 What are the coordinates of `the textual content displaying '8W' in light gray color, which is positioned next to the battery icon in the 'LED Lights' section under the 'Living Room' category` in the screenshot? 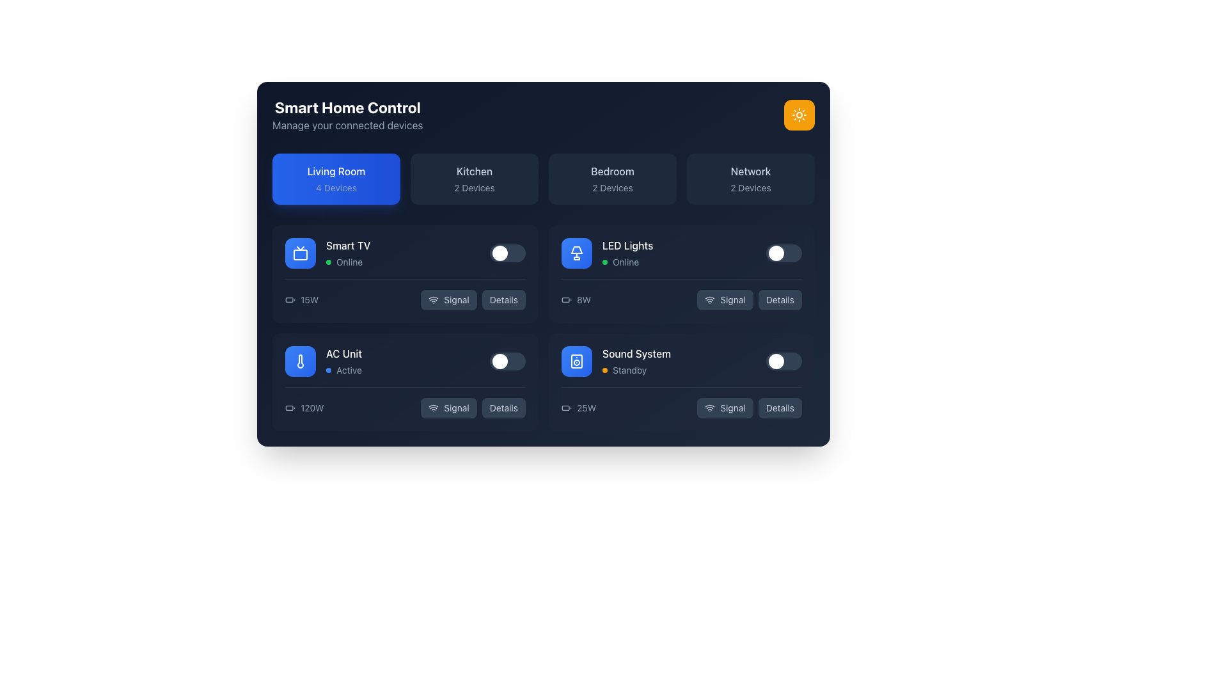 It's located at (576, 300).